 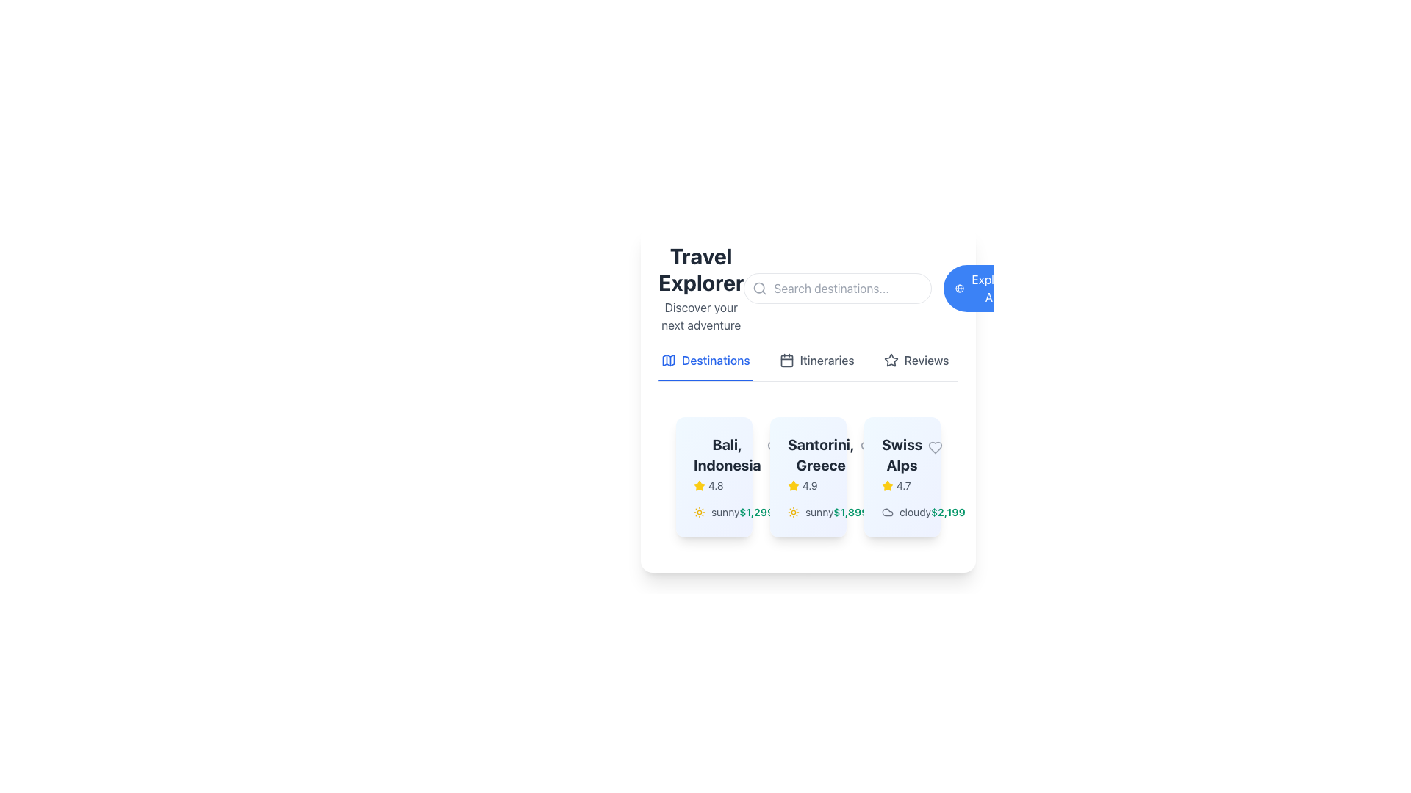 What do you see at coordinates (902, 464) in the screenshot?
I see `the text label displaying the name and star rating of the travel destination located in the top-left section of the third card in a horizontally aligned set of destination cards, situated between the 'Santorini, Greece' card and another card with different information` at bounding box center [902, 464].